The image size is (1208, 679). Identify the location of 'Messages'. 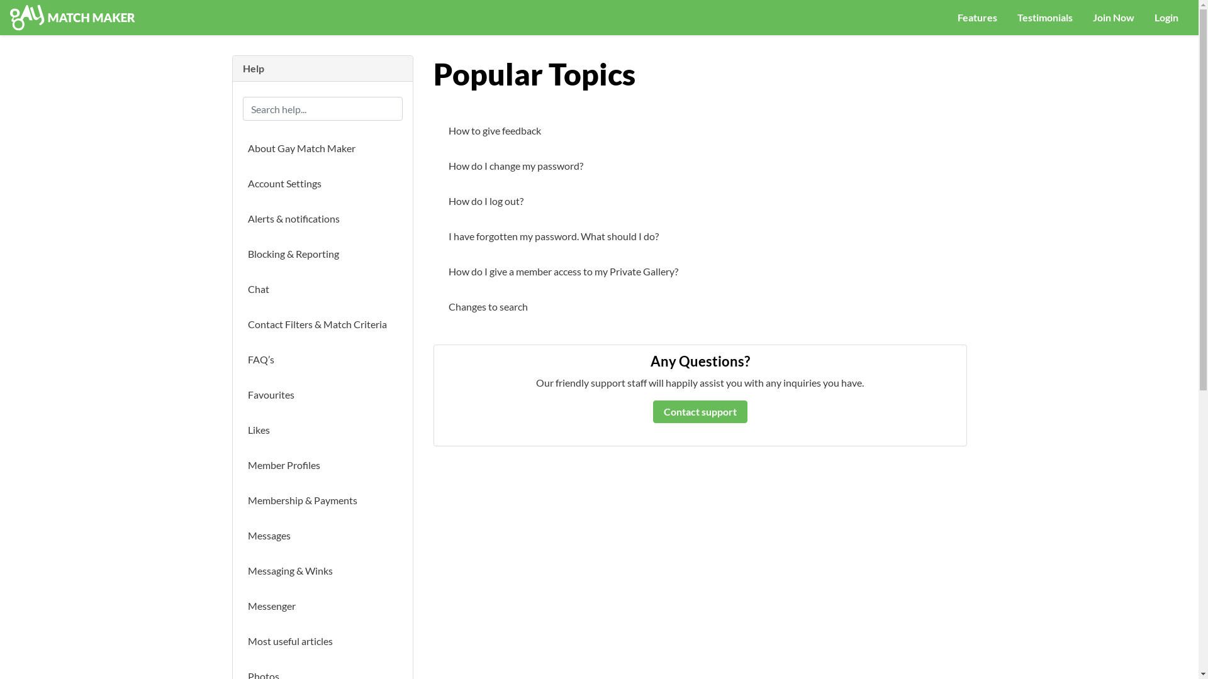
(323, 536).